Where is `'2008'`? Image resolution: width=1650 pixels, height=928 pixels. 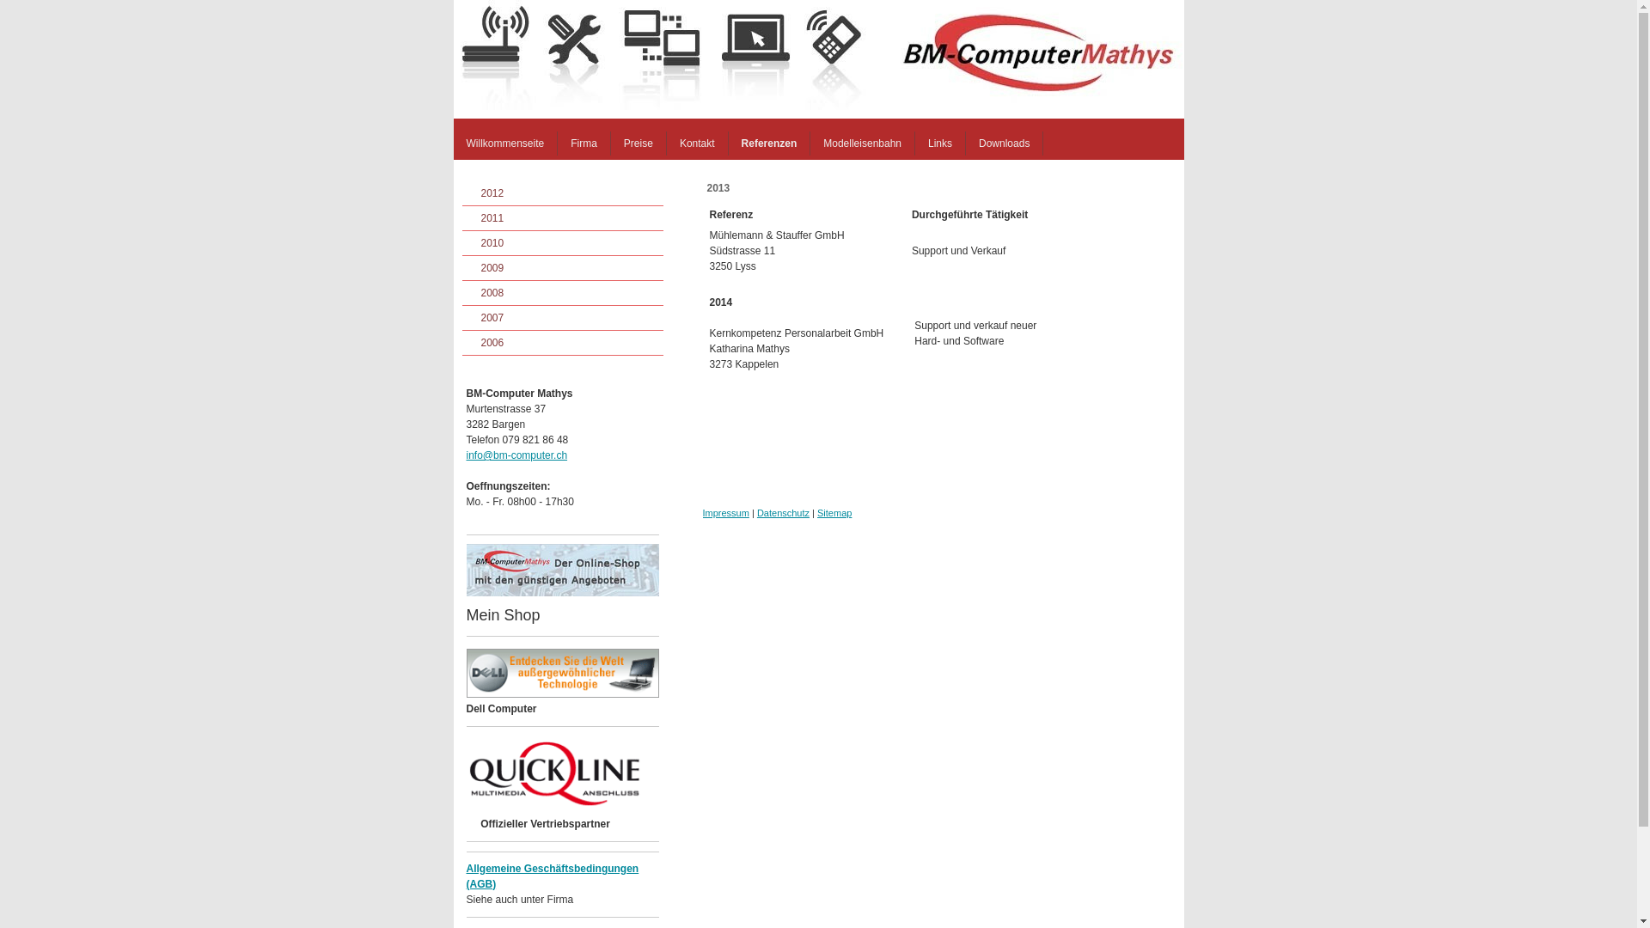
'2008' is located at coordinates (562, 292).